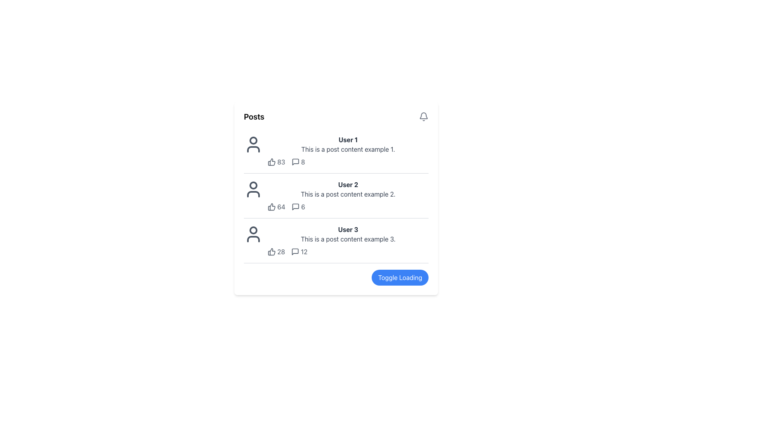 Image resolution: width=764 pixels, height=429 pixels. I want to click on the 'like' icon located to the left of the number '28' in the third post's interactive elements to register a 'like', so click(271, 251).